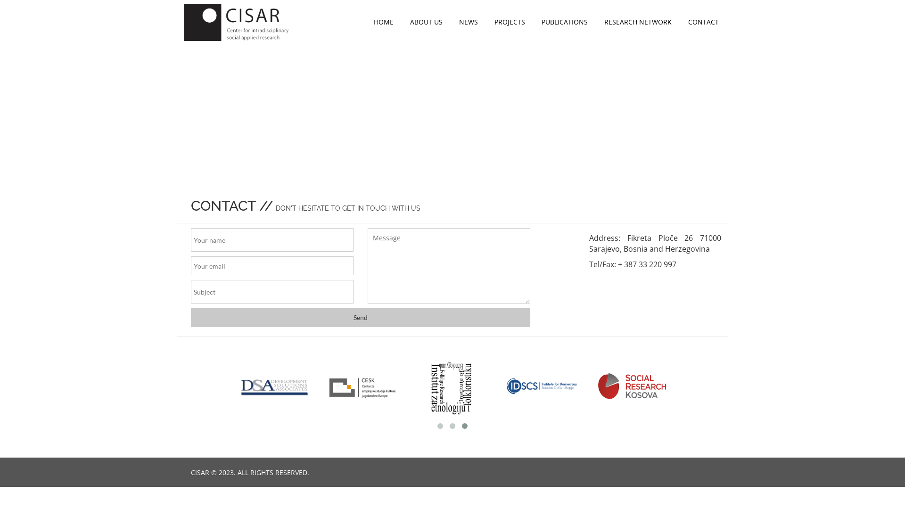 This screenshot has height=509, width=905. Describe the element at coordinates (426, 21) in the screenshot. I see `'ABOUT US'` at that location.